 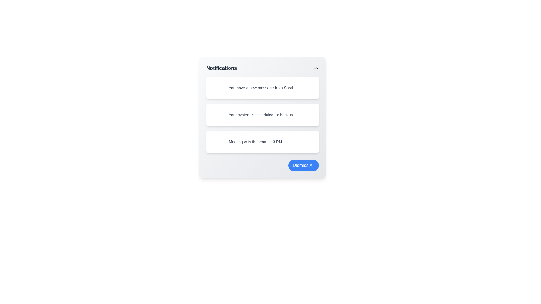 I want to click on the text label displaying 'Your system is scheduled for backup.' which is part of a notification card in the middle of a vertically stacked list of notifications, so click(x=261, y=115).